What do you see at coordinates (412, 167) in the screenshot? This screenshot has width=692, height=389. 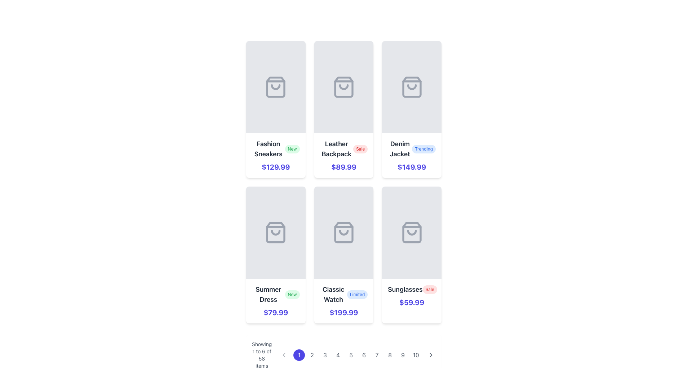 I see `the price label of the 'Denim Jacket' product` at bounding box center [412, 167].